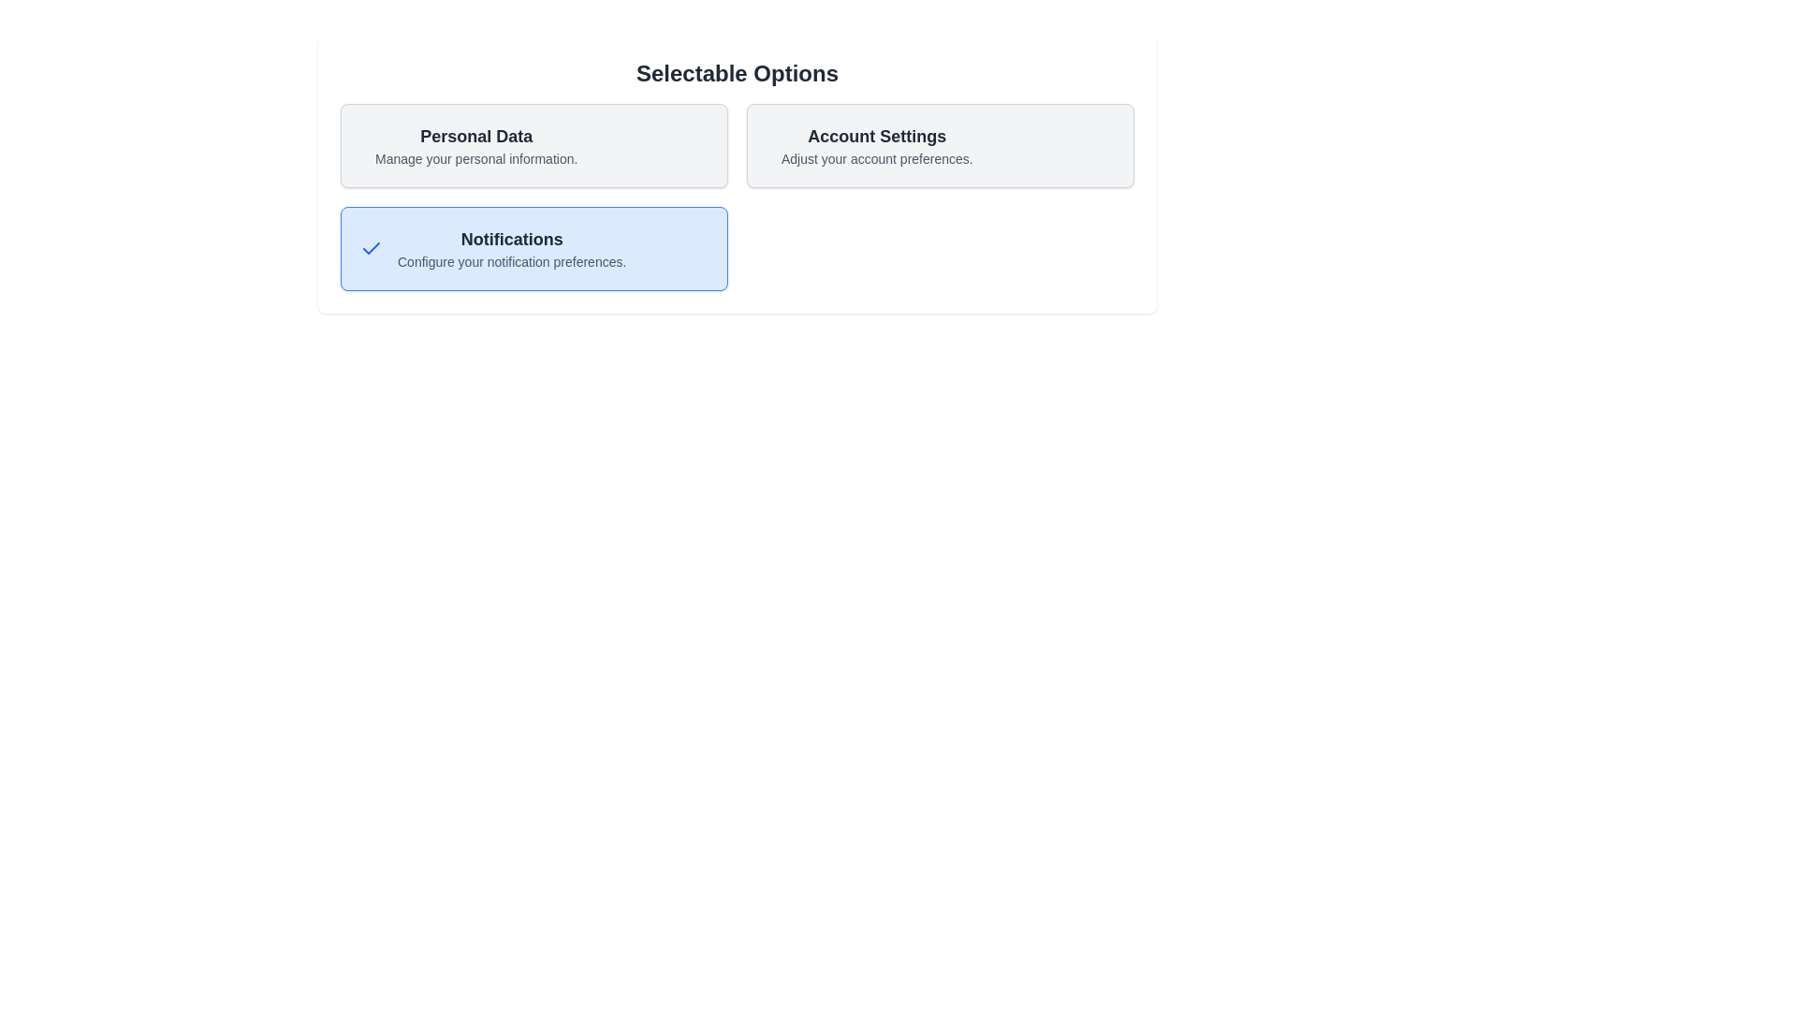 Image resolution: width=1797 pixels, height=1011 pixels. What do you see at coordinates (372, 248) in the screenshot?
I see `the selection state represented by the small blue checkmark icon located in the top-left corner of the Notifications selection box` at bounding box center [372, 248].